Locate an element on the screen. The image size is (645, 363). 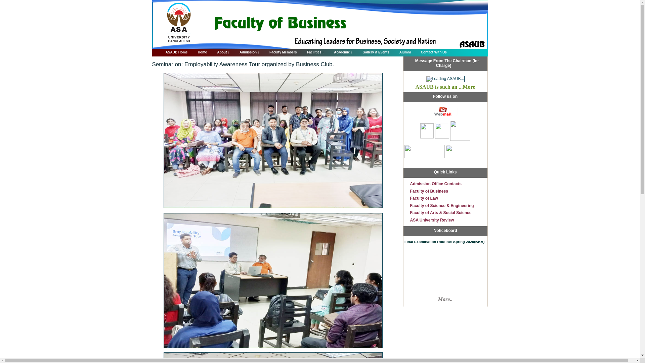
'Alumni' is located at coordinates (401, 51).